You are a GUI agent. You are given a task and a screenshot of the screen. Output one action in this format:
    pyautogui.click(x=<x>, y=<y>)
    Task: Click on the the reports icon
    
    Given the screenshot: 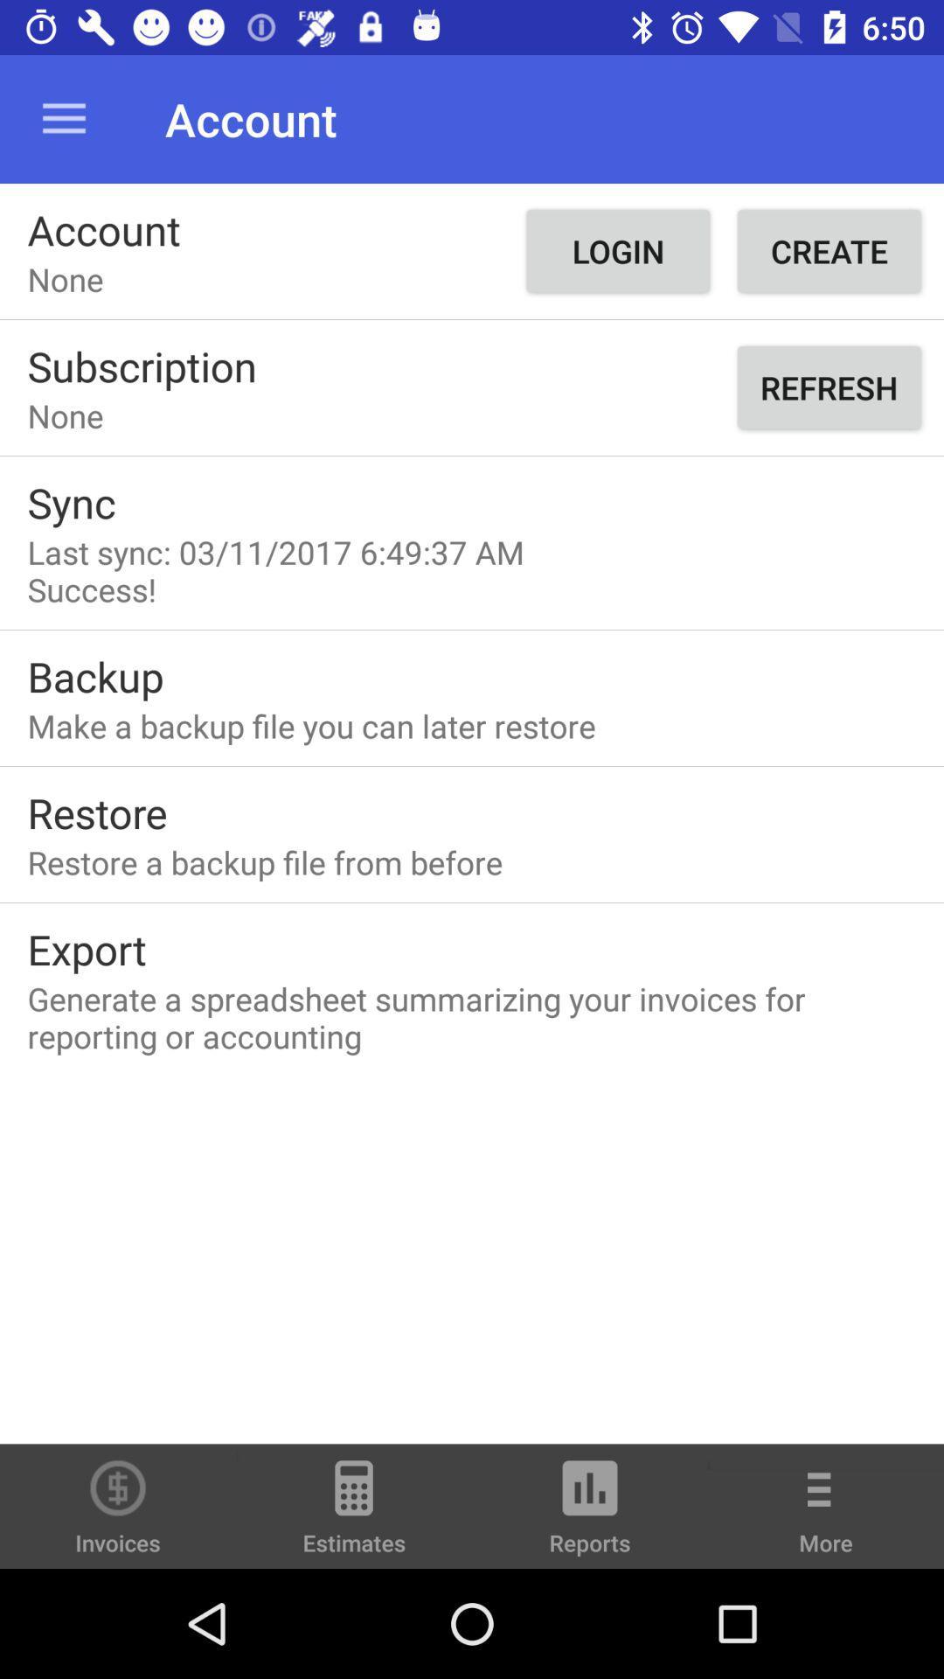 What is the action you would take?
    pyautogui.click(x=590, y=1514)
    